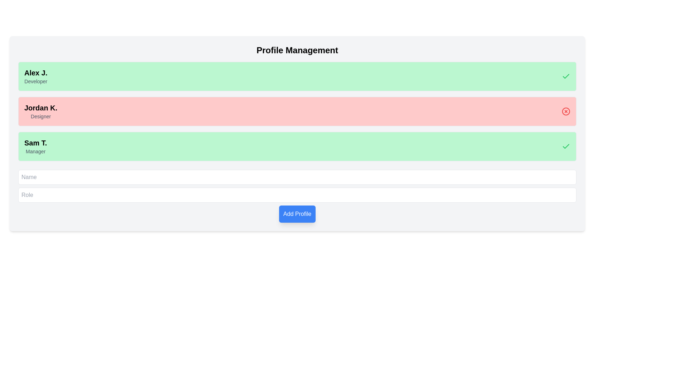 The width and height of the screenshot is (687, 386). Describe the element at coordinates (566, 112) in the screenshot. I see `the red circular button with a cross inside, which is positioned to the right of 'Jordan K.' and below 'Profile Management'` at that location.